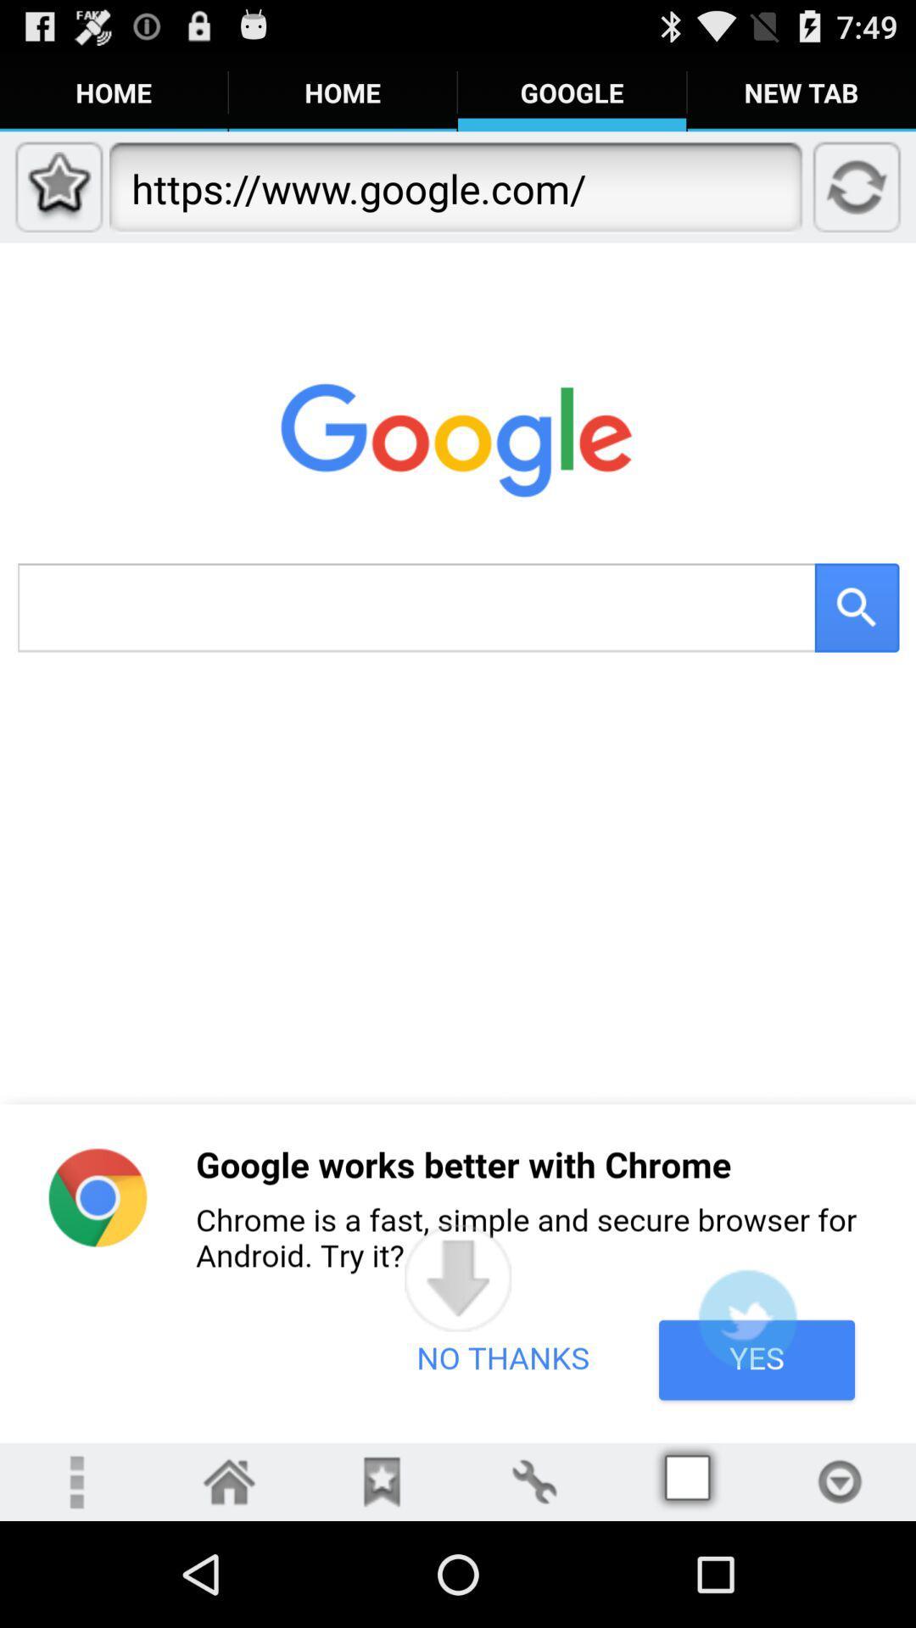 Image resolution: width=916 pixels, height=1628 pixels. What do you see at coordinates (687, 1480) in the screenshot?
I see `access page` at bounding box center [687, 1480].